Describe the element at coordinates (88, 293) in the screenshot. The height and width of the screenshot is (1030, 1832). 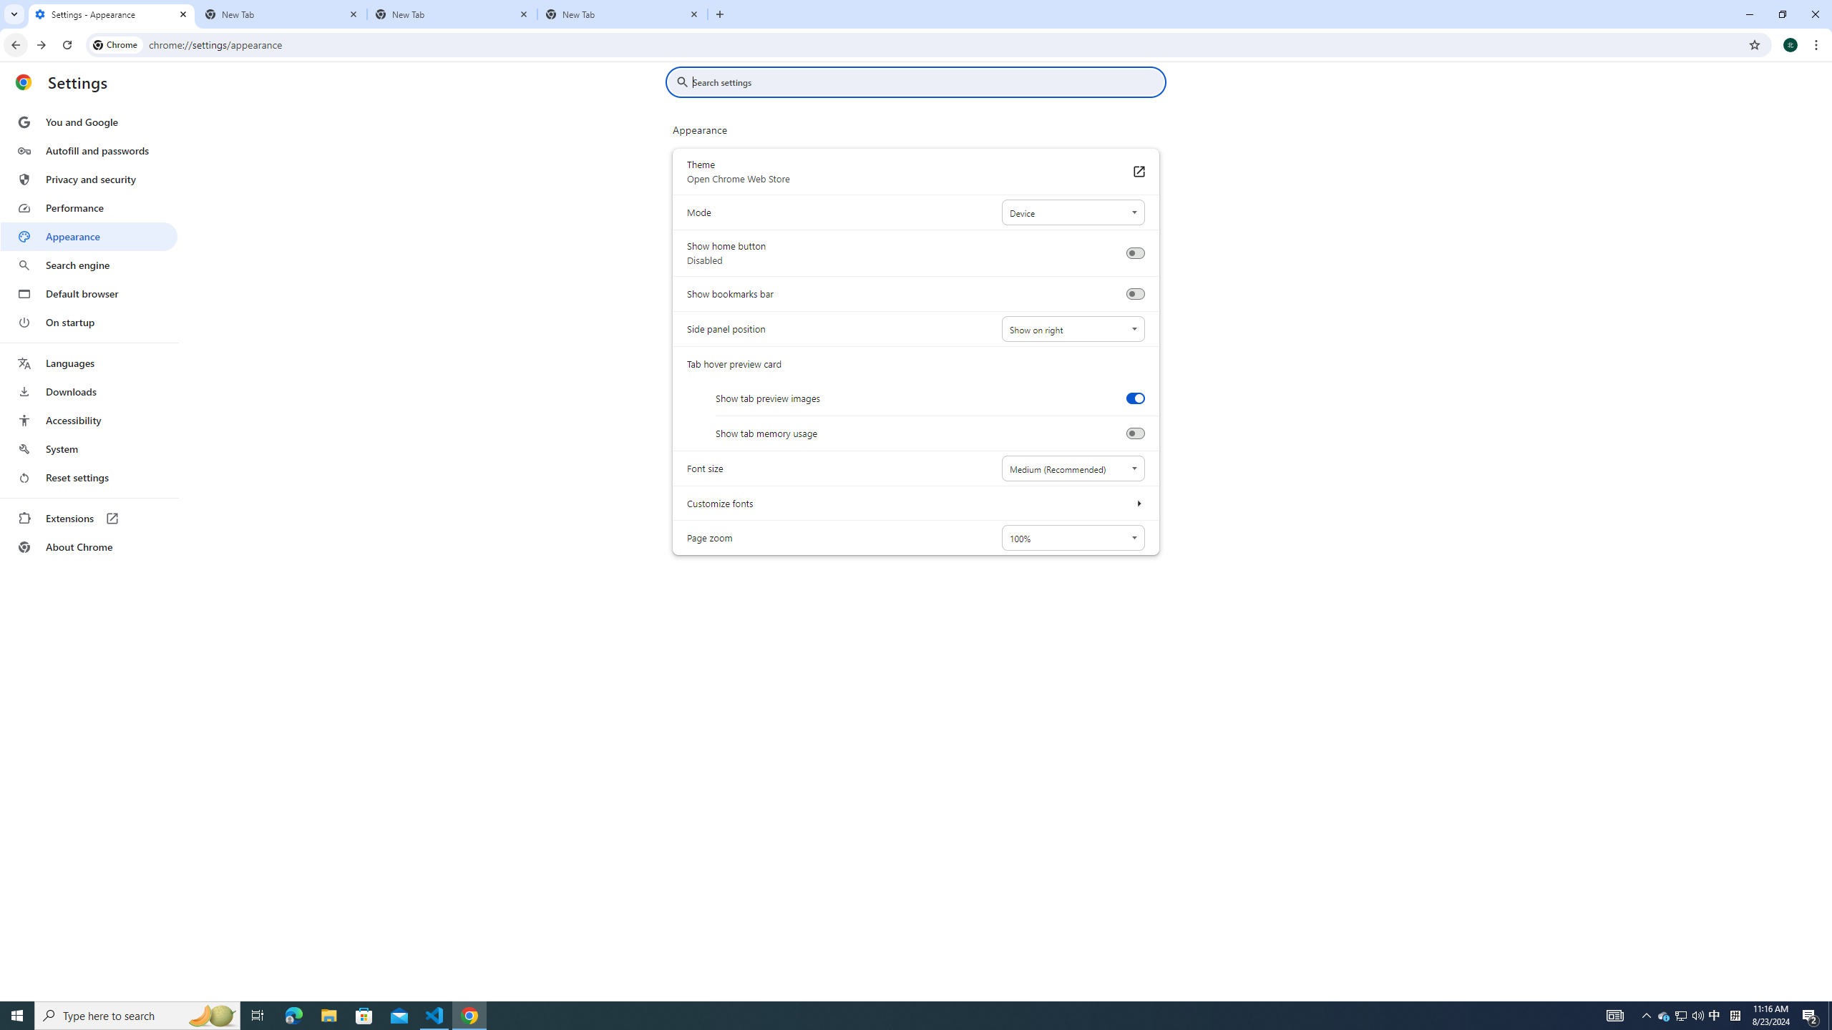
I see `'Default browser'` at that location.